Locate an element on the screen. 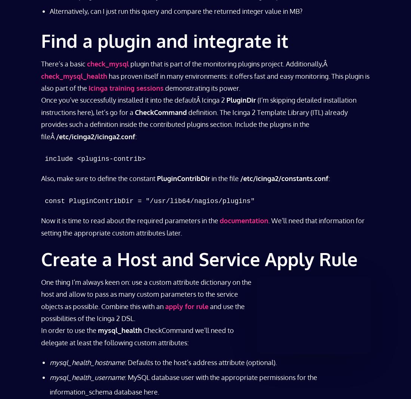  'PluginDir' is located at coordinates (241, 99).